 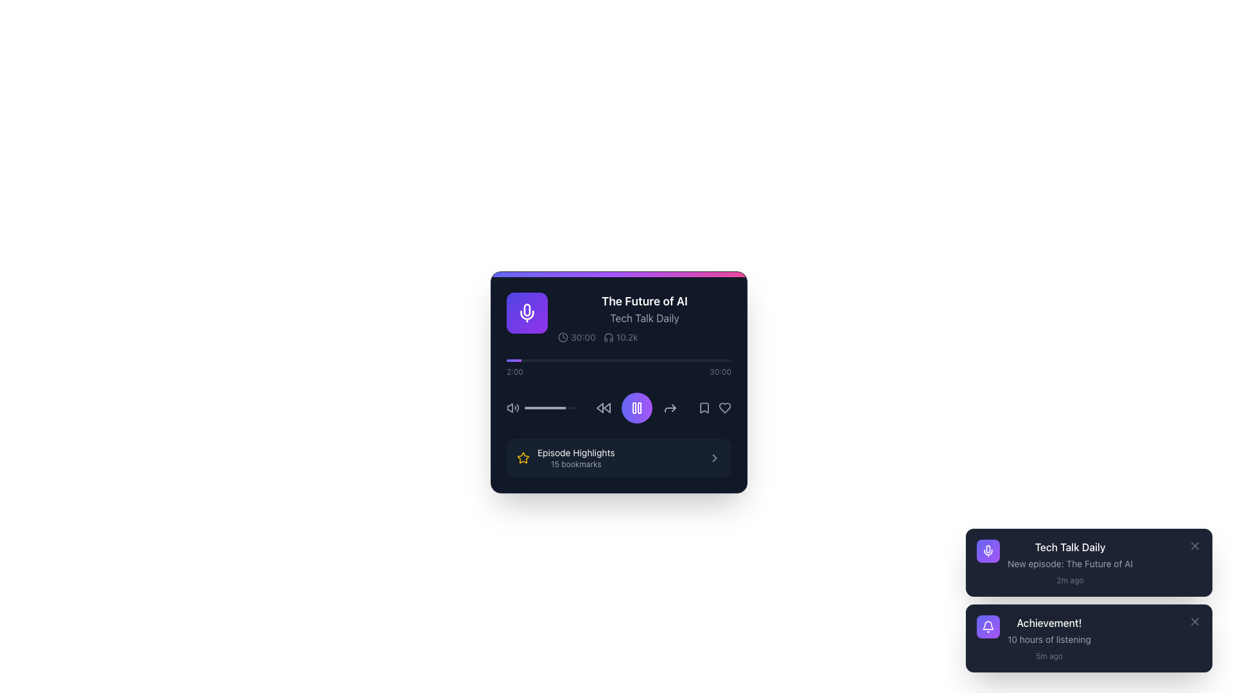 I want to click on the right vertical bar of the purple pause icon located in the central control area of the media player interface, so click(x=640, y=408).